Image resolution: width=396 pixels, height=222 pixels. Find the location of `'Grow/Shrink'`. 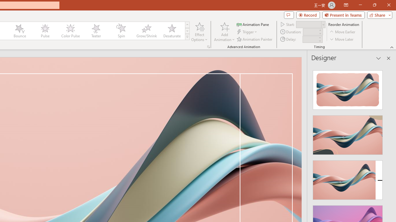

'Grow/Shrink' is located at coordinates (146, 31).